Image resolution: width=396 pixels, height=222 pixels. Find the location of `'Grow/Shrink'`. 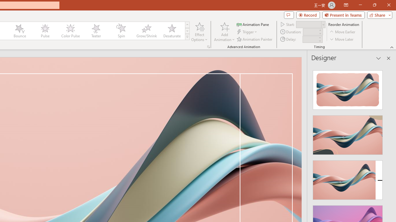

'Grow/Shrink' is located at coordinates (146, 31).